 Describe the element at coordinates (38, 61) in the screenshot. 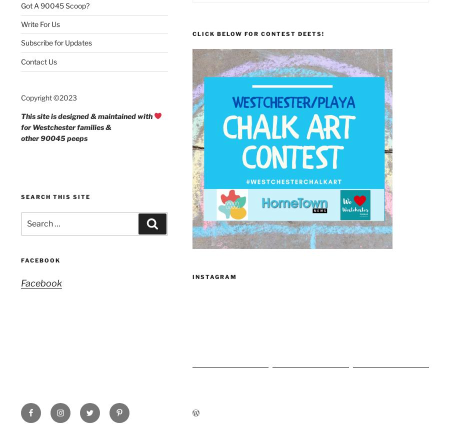

I see `'Contact Us'` at that location.